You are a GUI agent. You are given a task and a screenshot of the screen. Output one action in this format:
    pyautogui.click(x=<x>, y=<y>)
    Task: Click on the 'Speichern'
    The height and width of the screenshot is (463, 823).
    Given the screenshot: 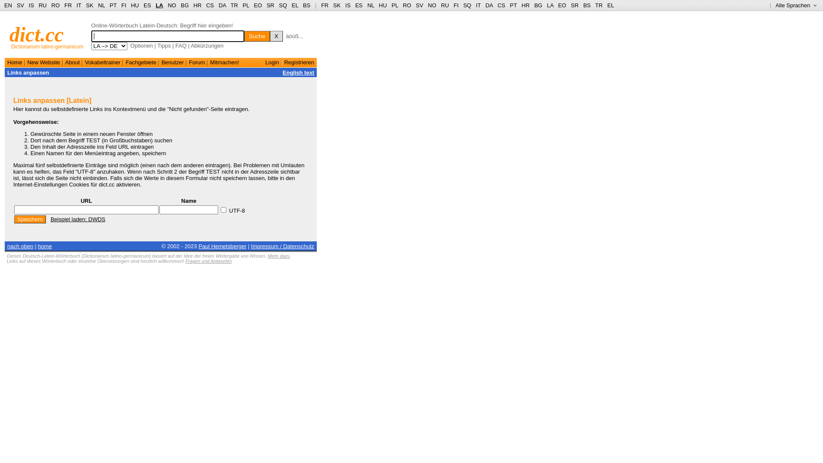 What is the action you would take?
    pyautogui.click(x=30, y=219)
    